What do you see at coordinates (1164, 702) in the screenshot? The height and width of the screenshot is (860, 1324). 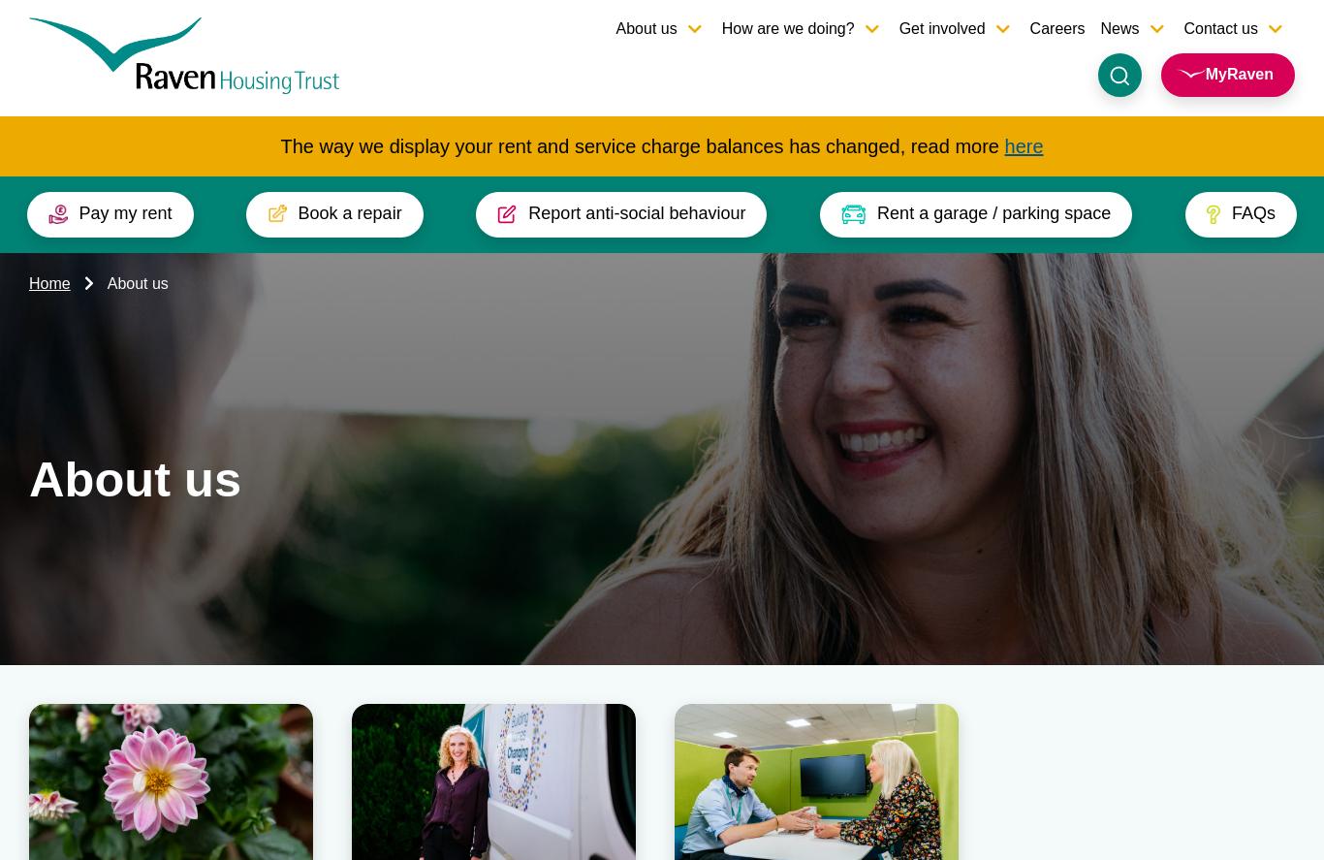 I see `'Gender pay report'` at bounding box center [1164, 702].